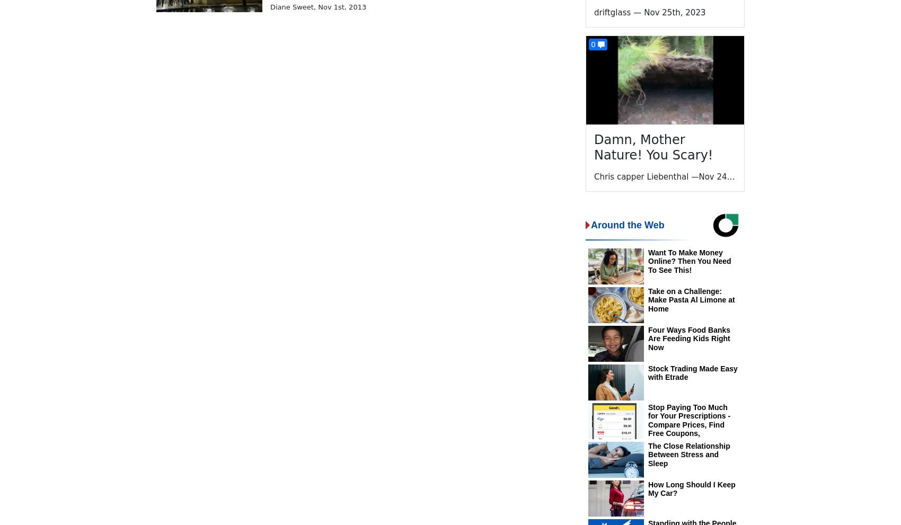 The image size is (901, 525). What do you see at coordinates (291, 6) in the screenshot?
I see `'Diane Sweet'` at bounding box center [291, 6].